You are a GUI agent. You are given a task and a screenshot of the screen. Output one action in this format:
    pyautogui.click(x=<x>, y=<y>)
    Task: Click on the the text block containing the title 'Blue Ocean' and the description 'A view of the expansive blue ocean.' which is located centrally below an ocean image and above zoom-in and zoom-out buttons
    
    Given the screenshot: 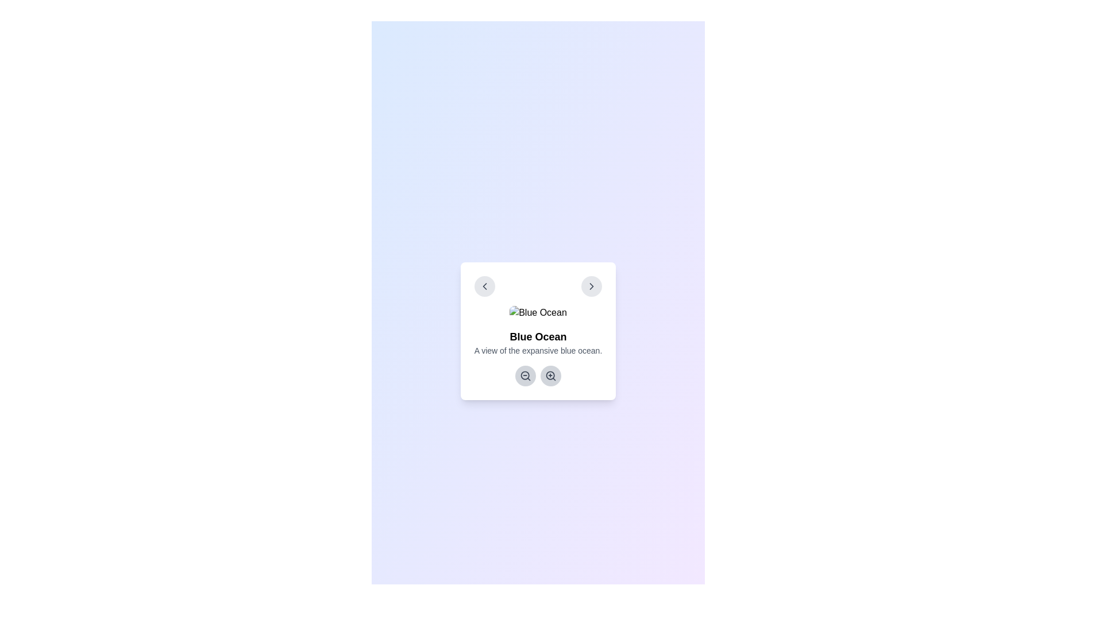 What is the action you would take?
    pyautogui.click(x=537, y=342)
    